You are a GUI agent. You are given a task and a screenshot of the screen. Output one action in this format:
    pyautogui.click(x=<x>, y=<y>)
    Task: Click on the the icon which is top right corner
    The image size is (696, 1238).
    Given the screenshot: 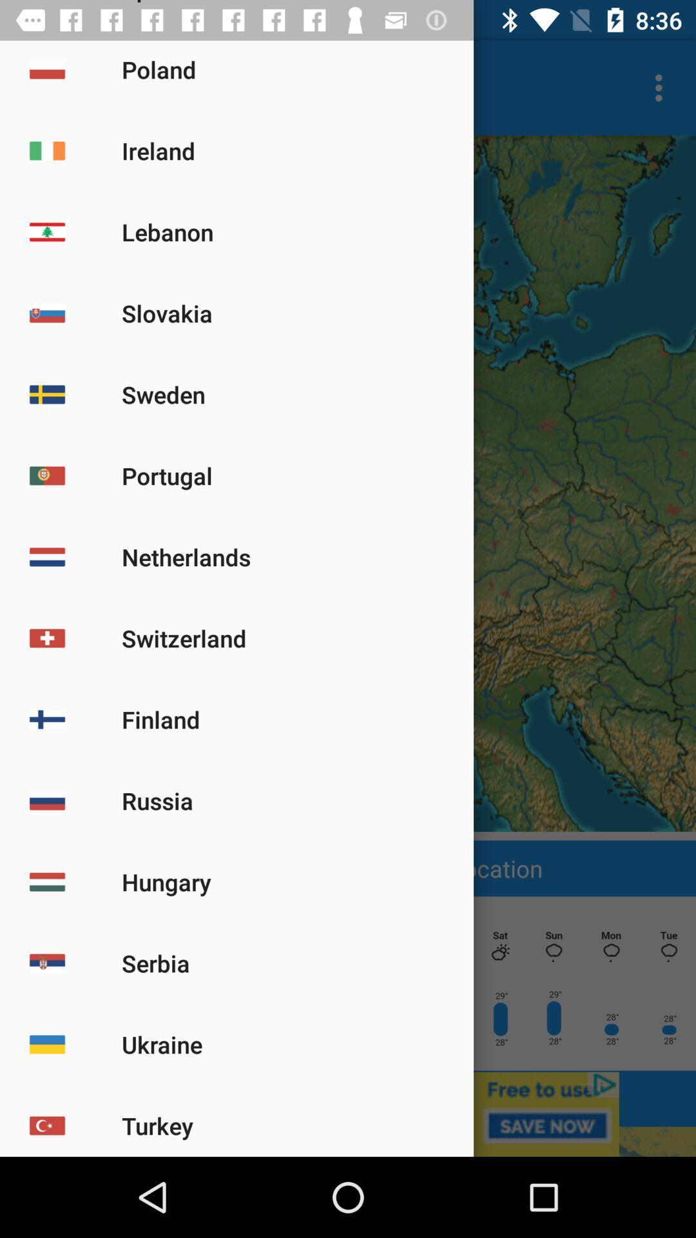 What is the action you would take?
    pyautogui.click(x=662, y=88)
    